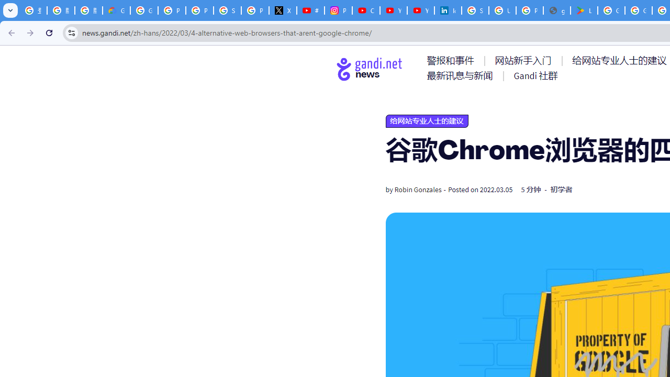 The image size is (670, 377). I want to click on 'YouTube Culture & Trends - YouTube Top 10, 2021', so click(420, 10).